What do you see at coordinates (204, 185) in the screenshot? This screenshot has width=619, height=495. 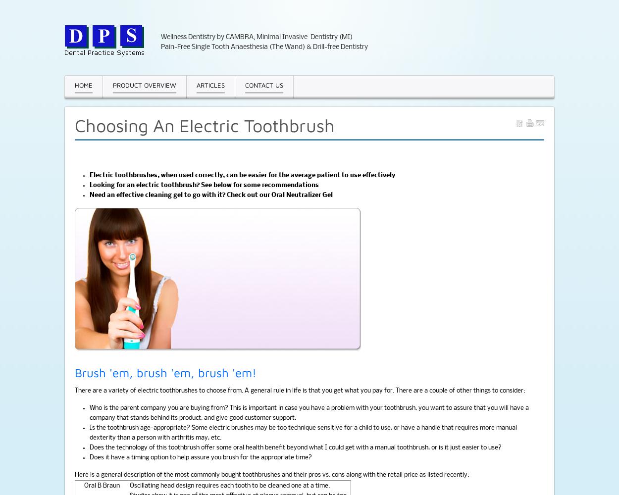 I see `'Looking for an electric toothbrush? See below for some recommendations'` at bounding box center [204, 185].